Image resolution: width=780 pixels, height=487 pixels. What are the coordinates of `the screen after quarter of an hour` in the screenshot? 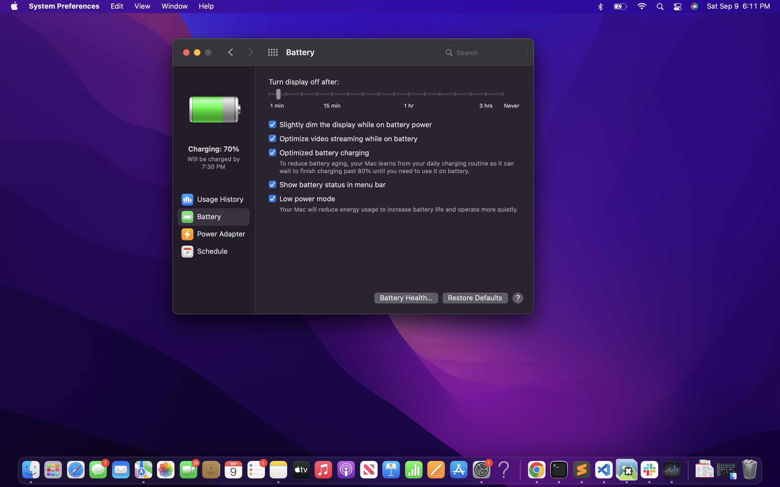 It's located at (332, 95).